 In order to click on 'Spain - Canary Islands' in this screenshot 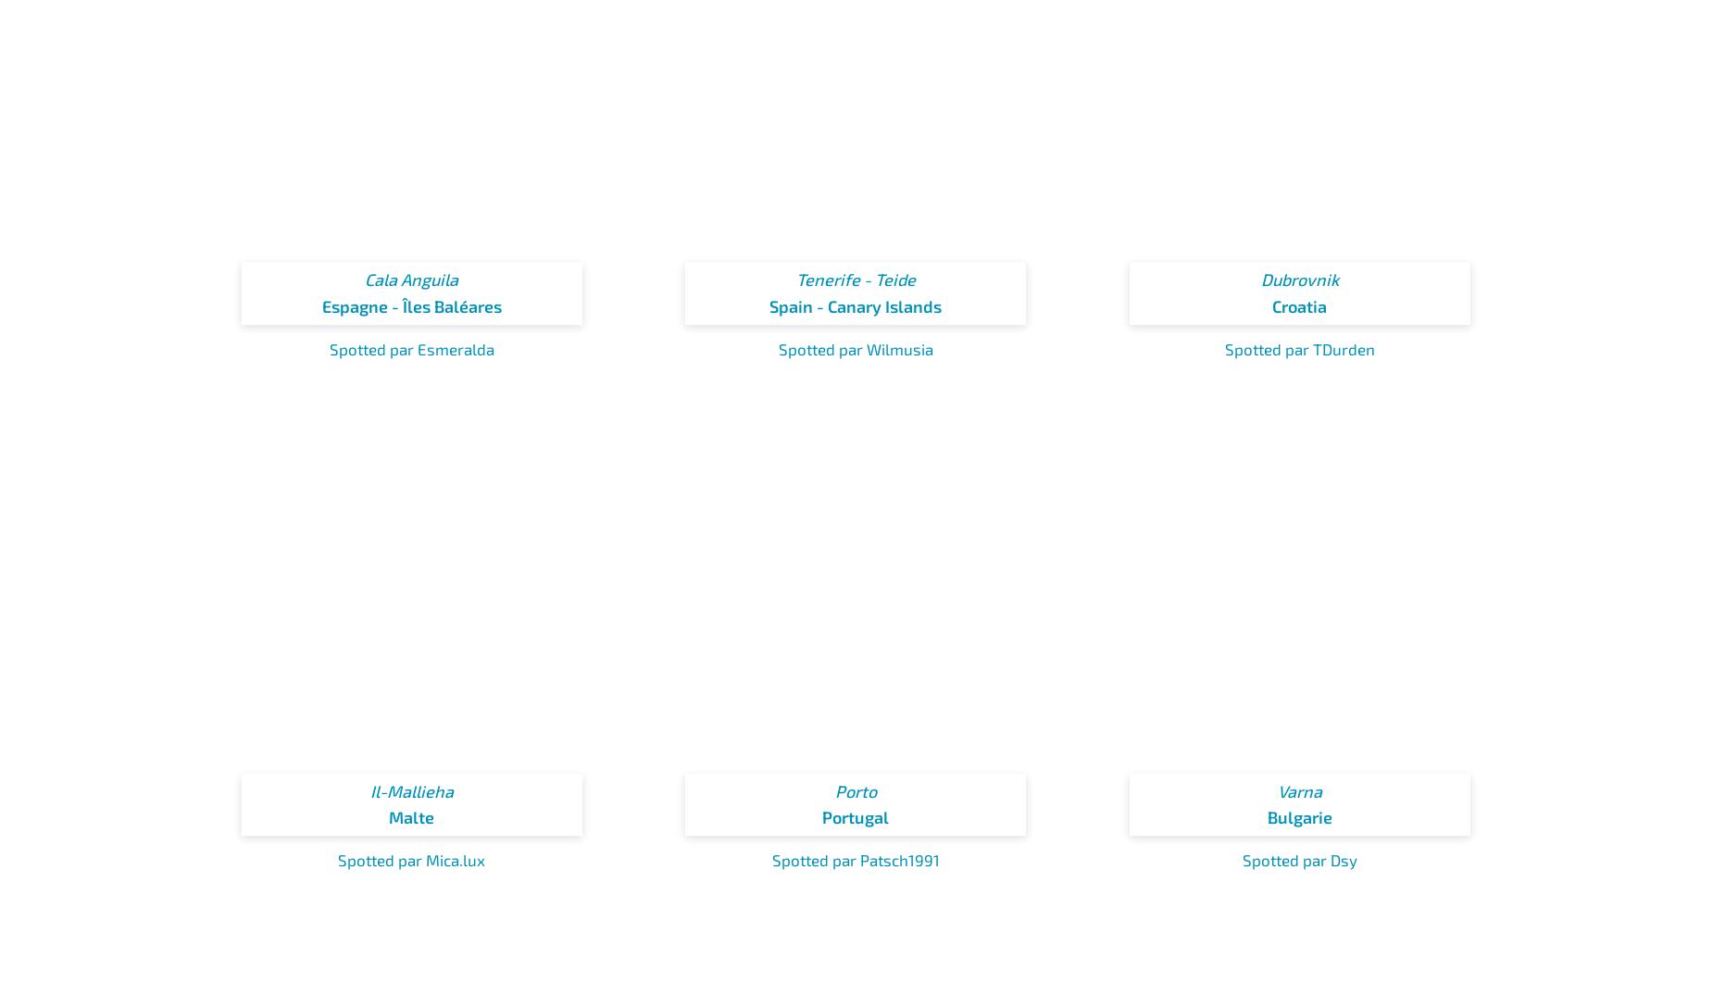, I will do `click(856, 305)`.